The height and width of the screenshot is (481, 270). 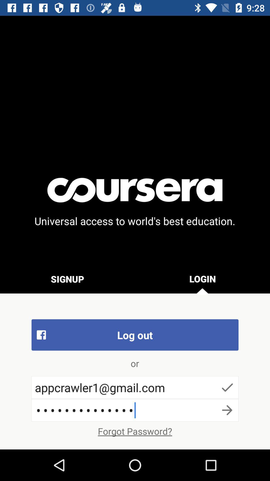 What do you see at coordinates (135, 431) in the screenshot?
I see `forgot password? icon` at bounding box center [135, 431].